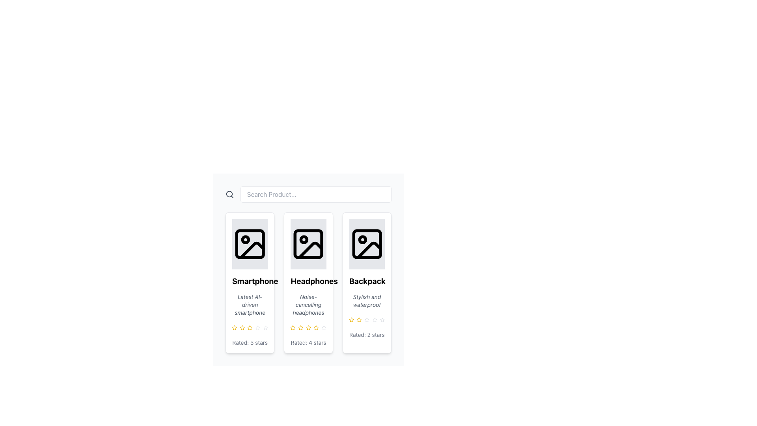 Image resolution: width=757 pixels, height=426 pixels. What do you see at coordinates (308, 342) in the screenshot?
I see `the text label reading 'Rated: 4 stars', which is styled in a smaller, gray font and located at the bottom of the central card for 'Headphones', directly below the graphical star ratings` at bounding box center [308, 342].